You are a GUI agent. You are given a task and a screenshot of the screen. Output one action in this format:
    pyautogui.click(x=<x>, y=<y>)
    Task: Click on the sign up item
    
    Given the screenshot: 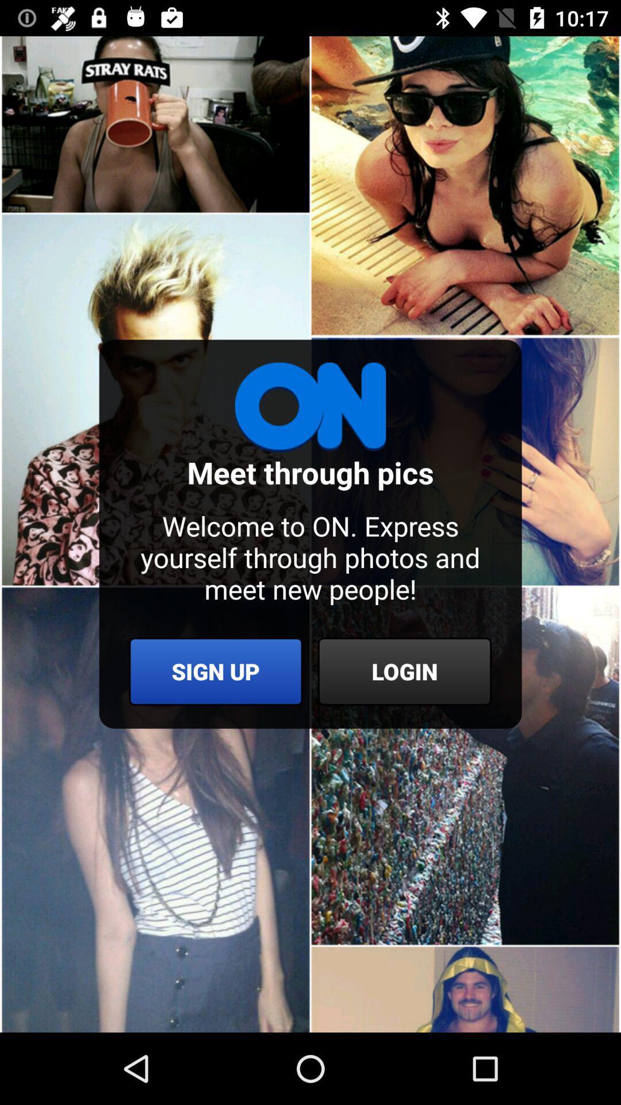 What is the action you would take?
    pyautogui.click(x=216, y=671)
    